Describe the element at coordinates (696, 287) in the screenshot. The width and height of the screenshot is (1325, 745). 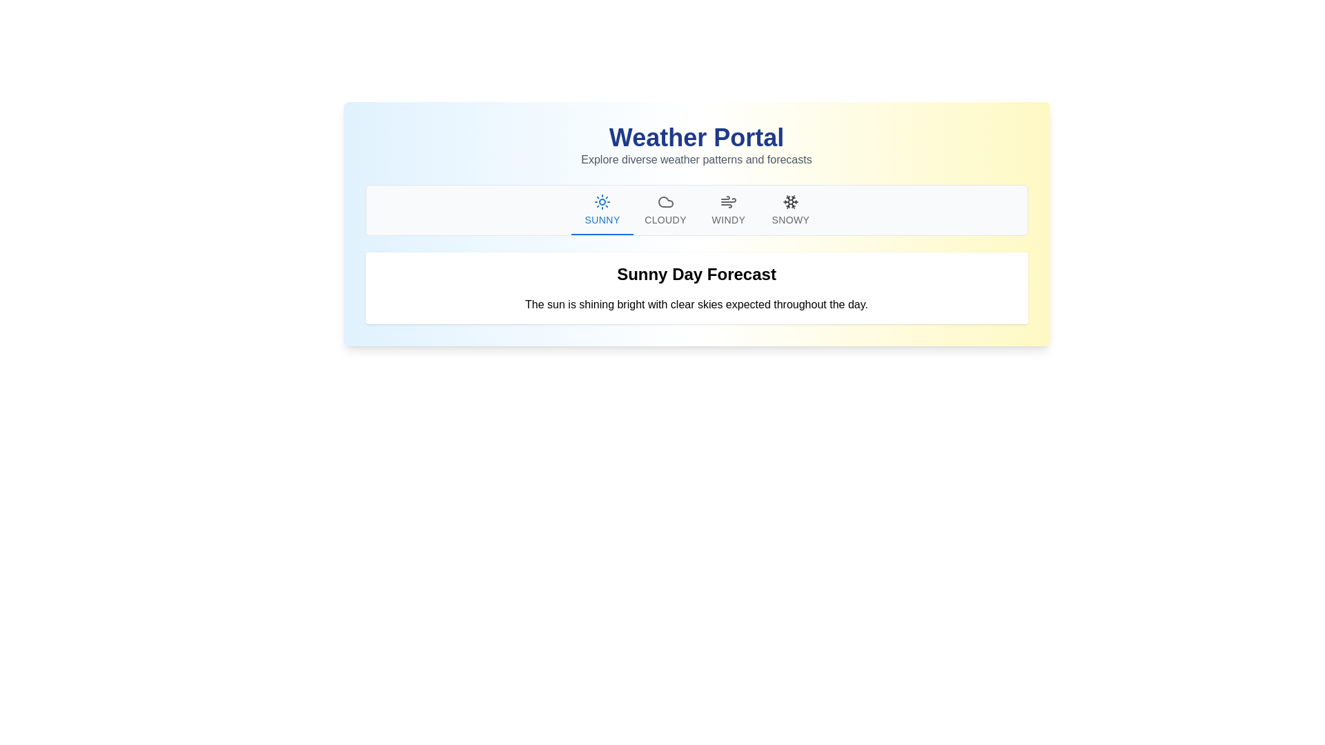
I see `the Information Panel that displays the weather forecast for the 'Sunny' tab, located below the navigation bar` at that location.